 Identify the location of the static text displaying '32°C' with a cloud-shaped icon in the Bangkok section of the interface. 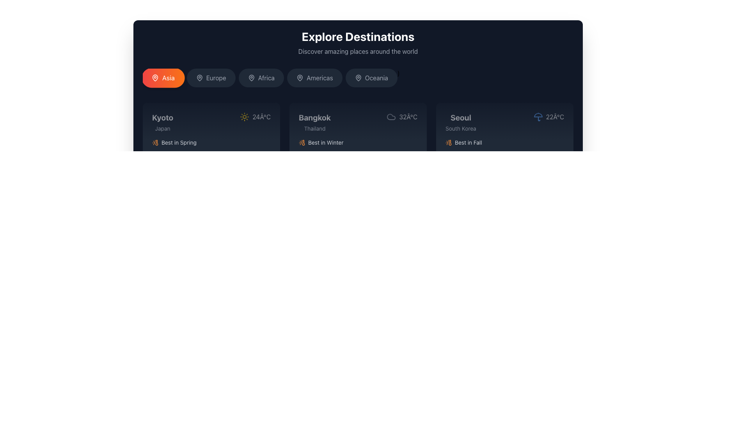
(402, 117).